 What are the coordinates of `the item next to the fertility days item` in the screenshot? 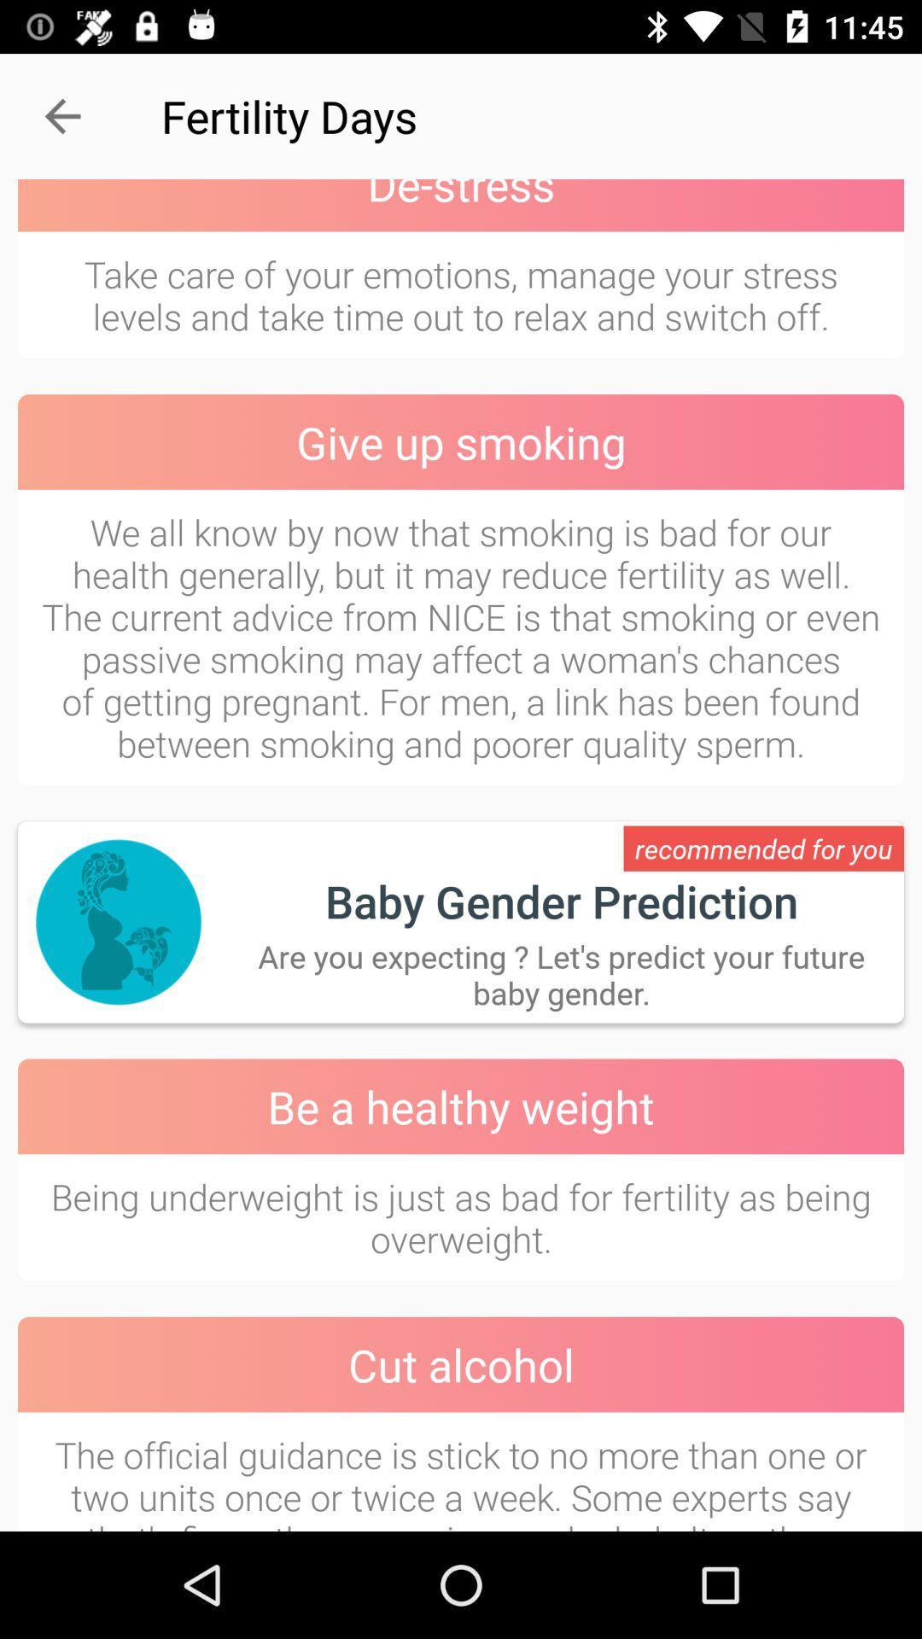 It's located at (61, 115).